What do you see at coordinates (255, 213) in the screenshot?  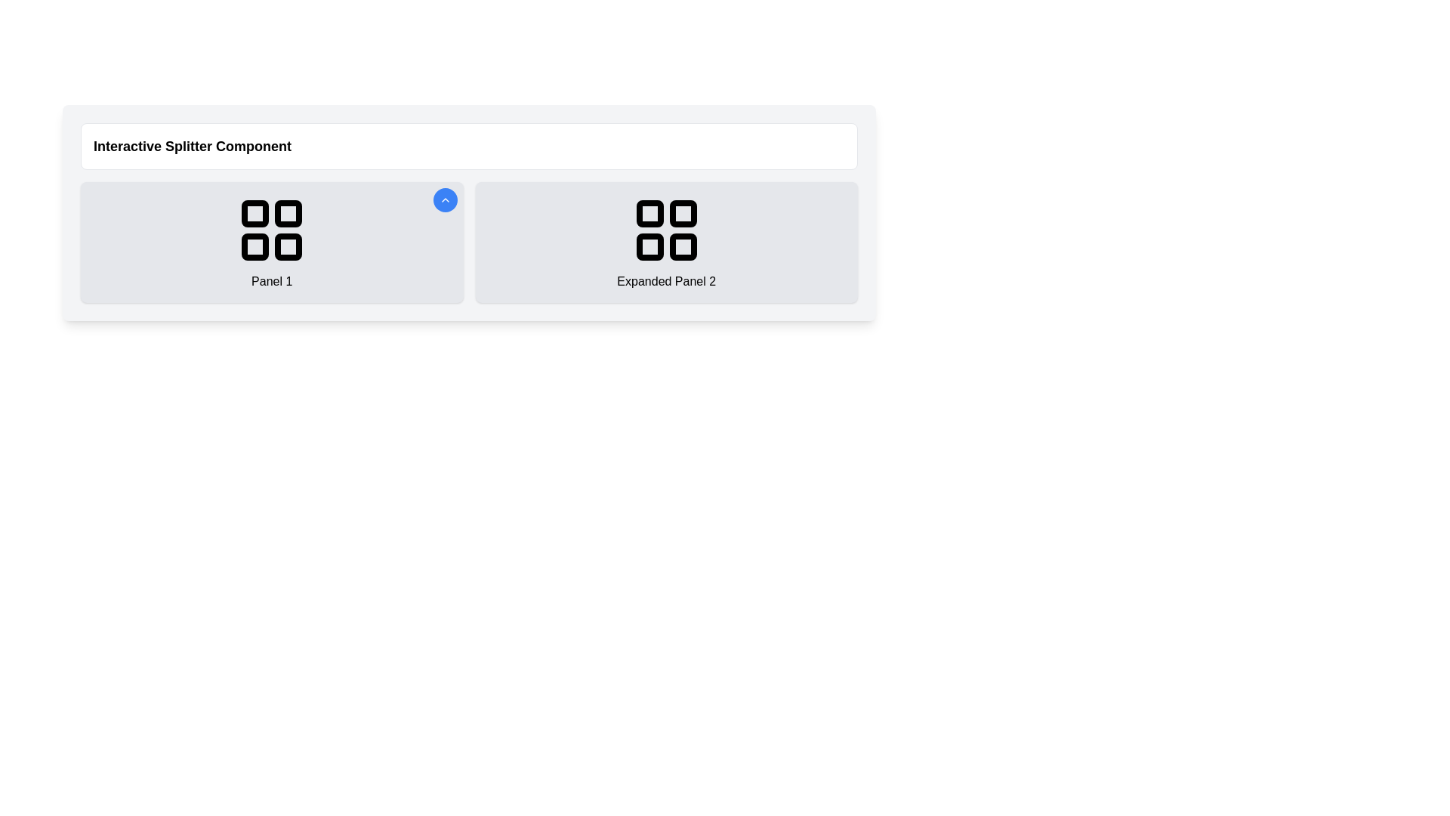 I see `the Square Icon located in the top-left of the 2x2 grid within 'Panel 1'` at bounding box center [255, 213].